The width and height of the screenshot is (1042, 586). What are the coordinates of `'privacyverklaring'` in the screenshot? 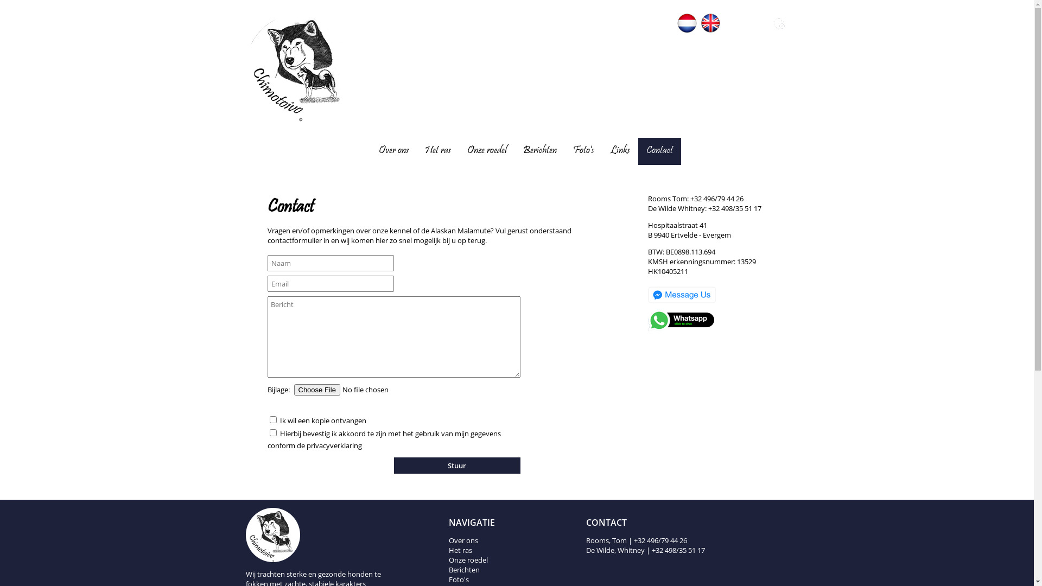 It's located at (333, 445).